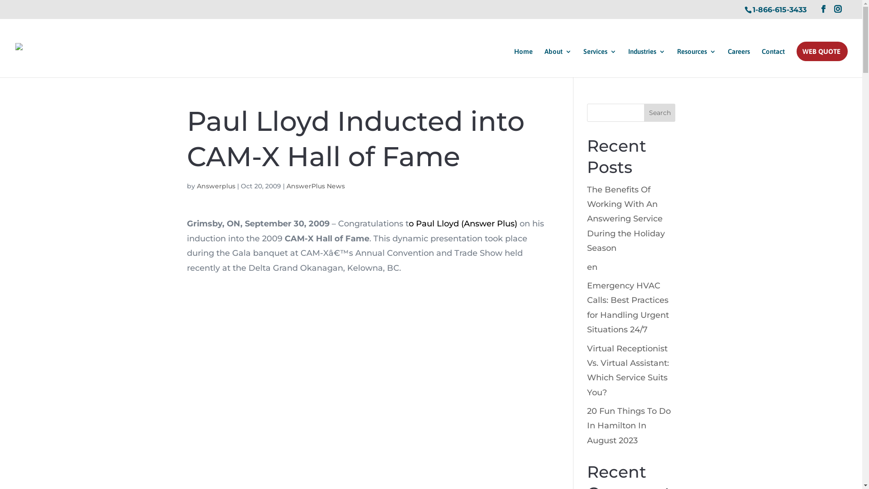 This screenshot has height=489, width=869. What do you see at coordinates (779, 10) in the screenshot?
I see `'1-866-615-3433'` at bounding box center [779, 10].